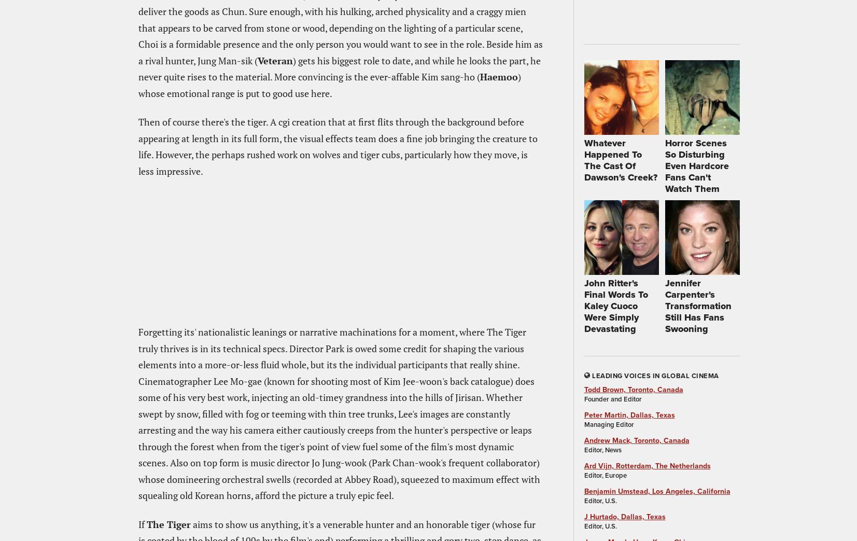 This screenshot has height=541, width=857. I want to click on 'Benjamin Umstead, Los Angeles, California', so click(657, 490).